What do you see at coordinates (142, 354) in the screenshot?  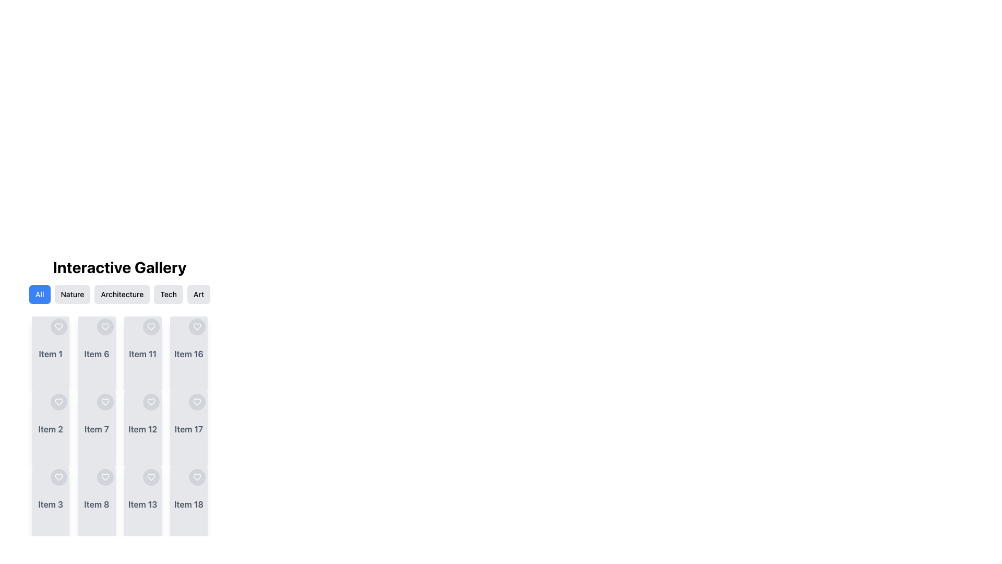 I see `bold text label 'Item 11' which is styled with a gray font color and located at the center of the third card in the second row of a grid layout` at bounding box center [142, 354].